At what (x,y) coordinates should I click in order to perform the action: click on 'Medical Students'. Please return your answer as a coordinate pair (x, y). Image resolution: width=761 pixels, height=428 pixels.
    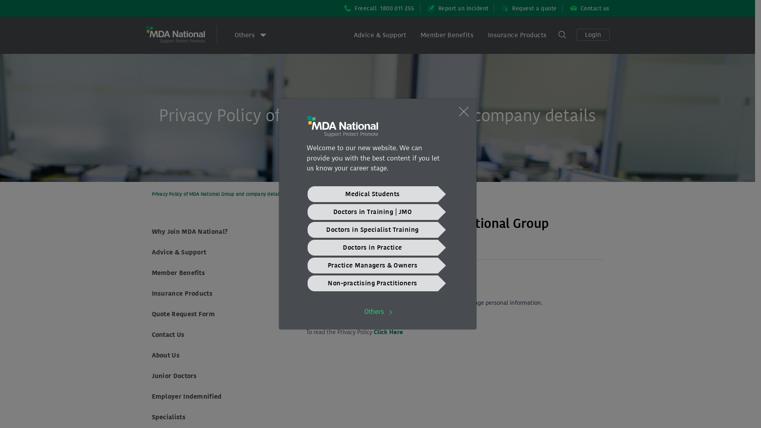
    Looking at the image, I should click on (372, 194).